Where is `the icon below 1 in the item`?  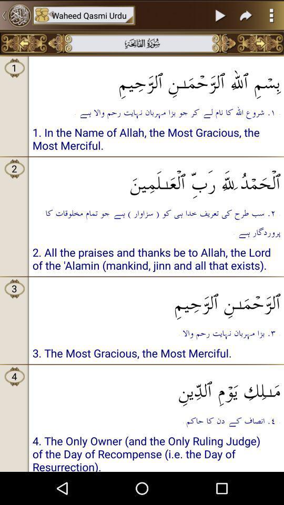
the icon below 1 in the item is located at coordinates (156, 180).